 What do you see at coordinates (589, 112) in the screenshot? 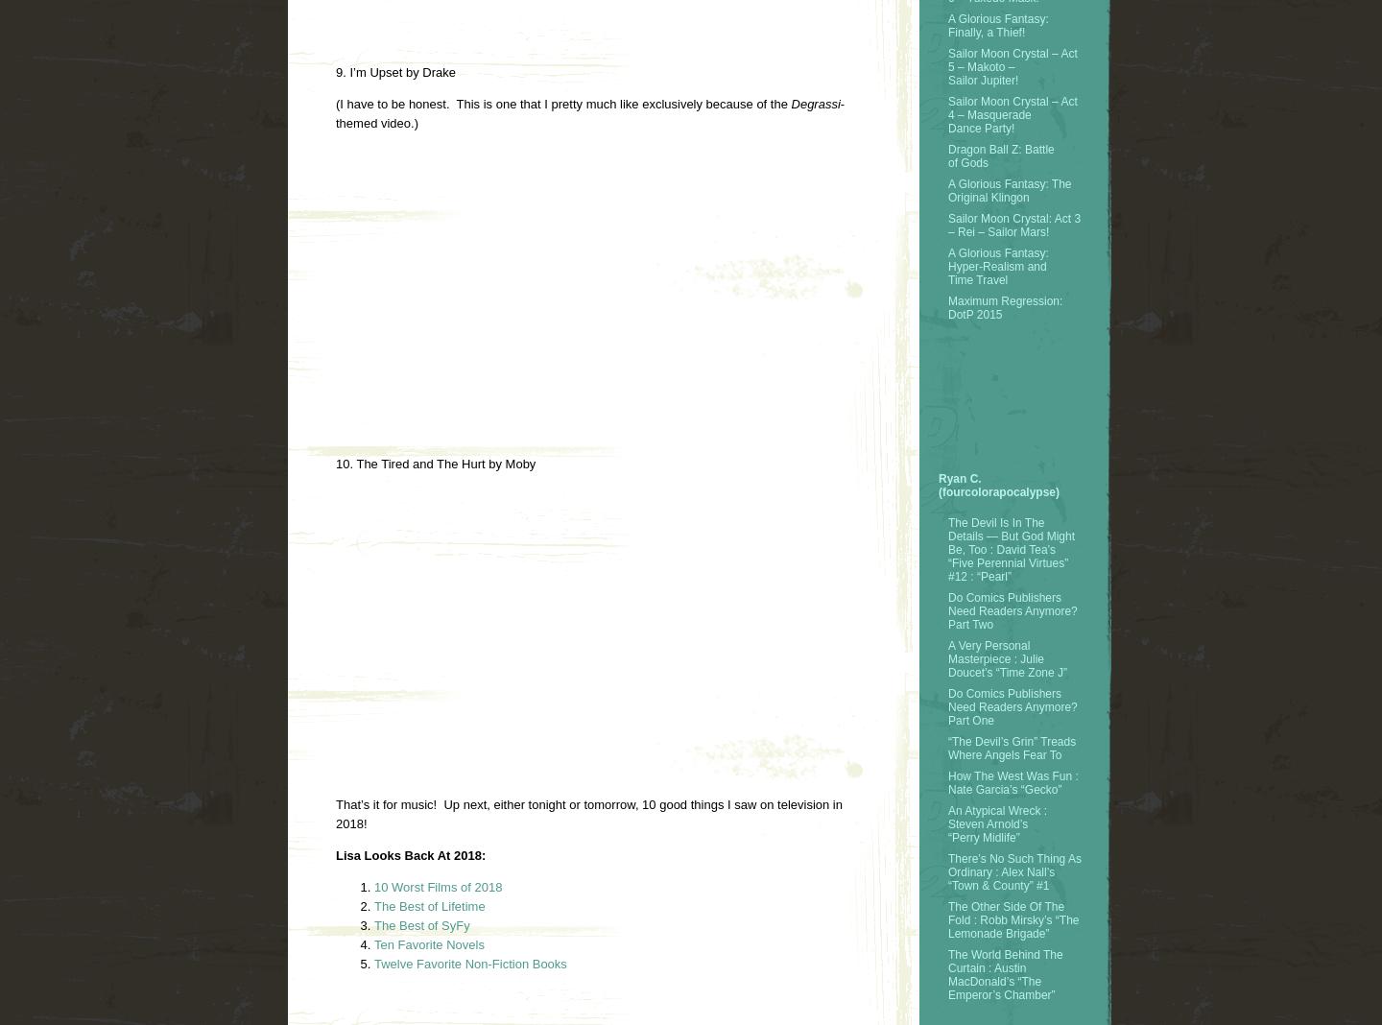
I see `'-themed video.)'` at bounding box center [589, 112].